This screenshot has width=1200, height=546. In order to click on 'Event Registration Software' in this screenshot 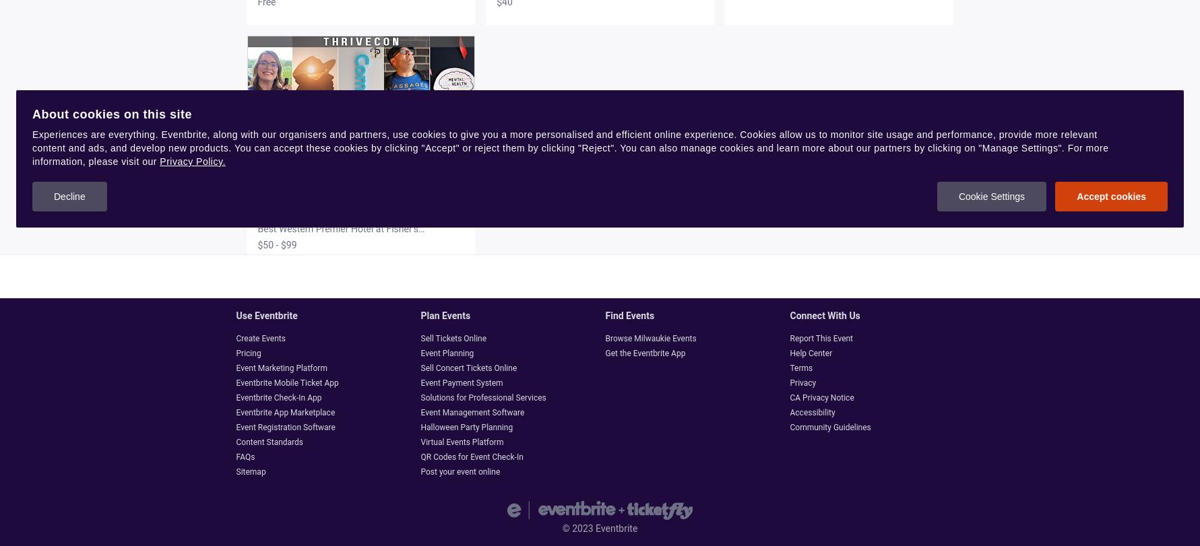, I will do `click(284, 427)`.